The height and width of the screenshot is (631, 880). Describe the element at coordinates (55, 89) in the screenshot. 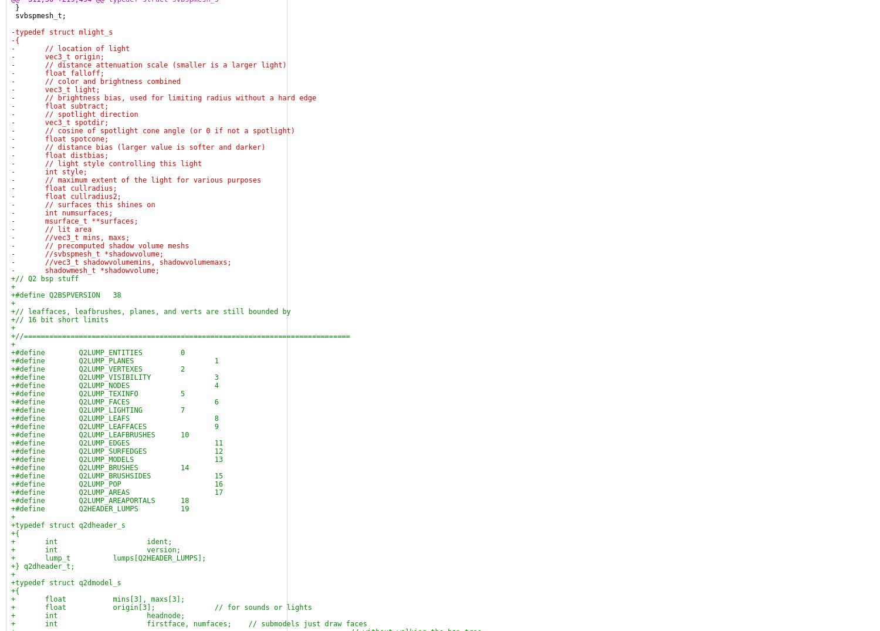

I see `'-       vec3_t light;'` at that location.